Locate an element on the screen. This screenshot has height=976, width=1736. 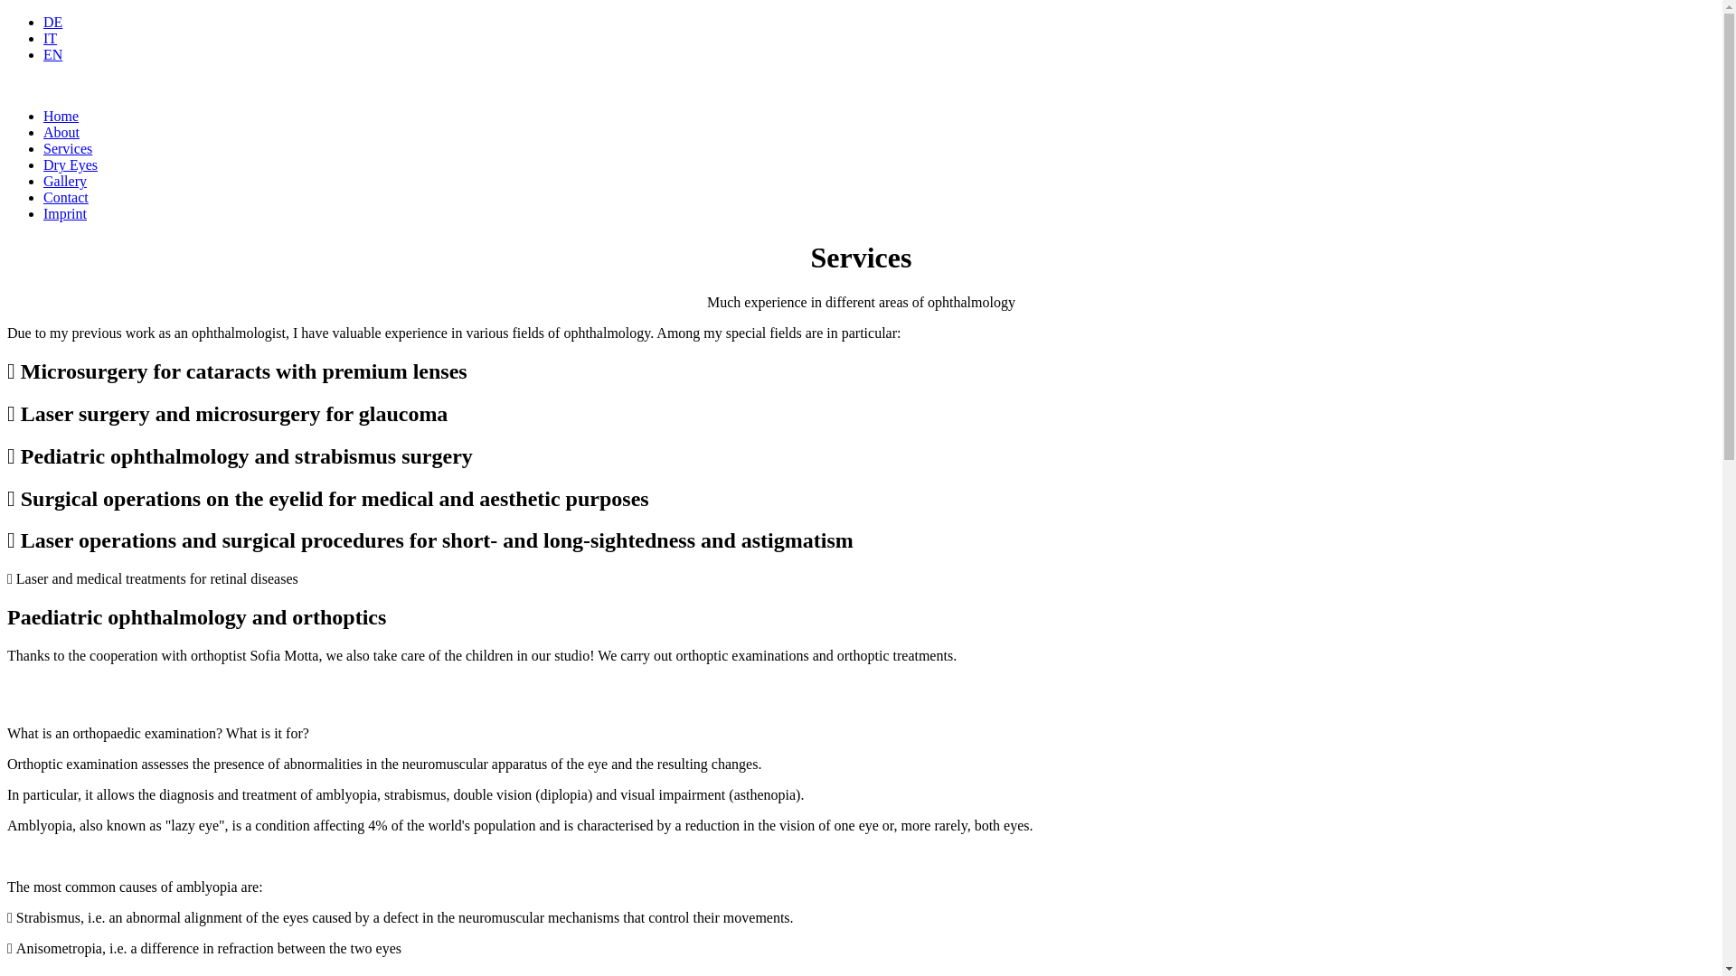
'Contact' is located at coordinates (65, 197).